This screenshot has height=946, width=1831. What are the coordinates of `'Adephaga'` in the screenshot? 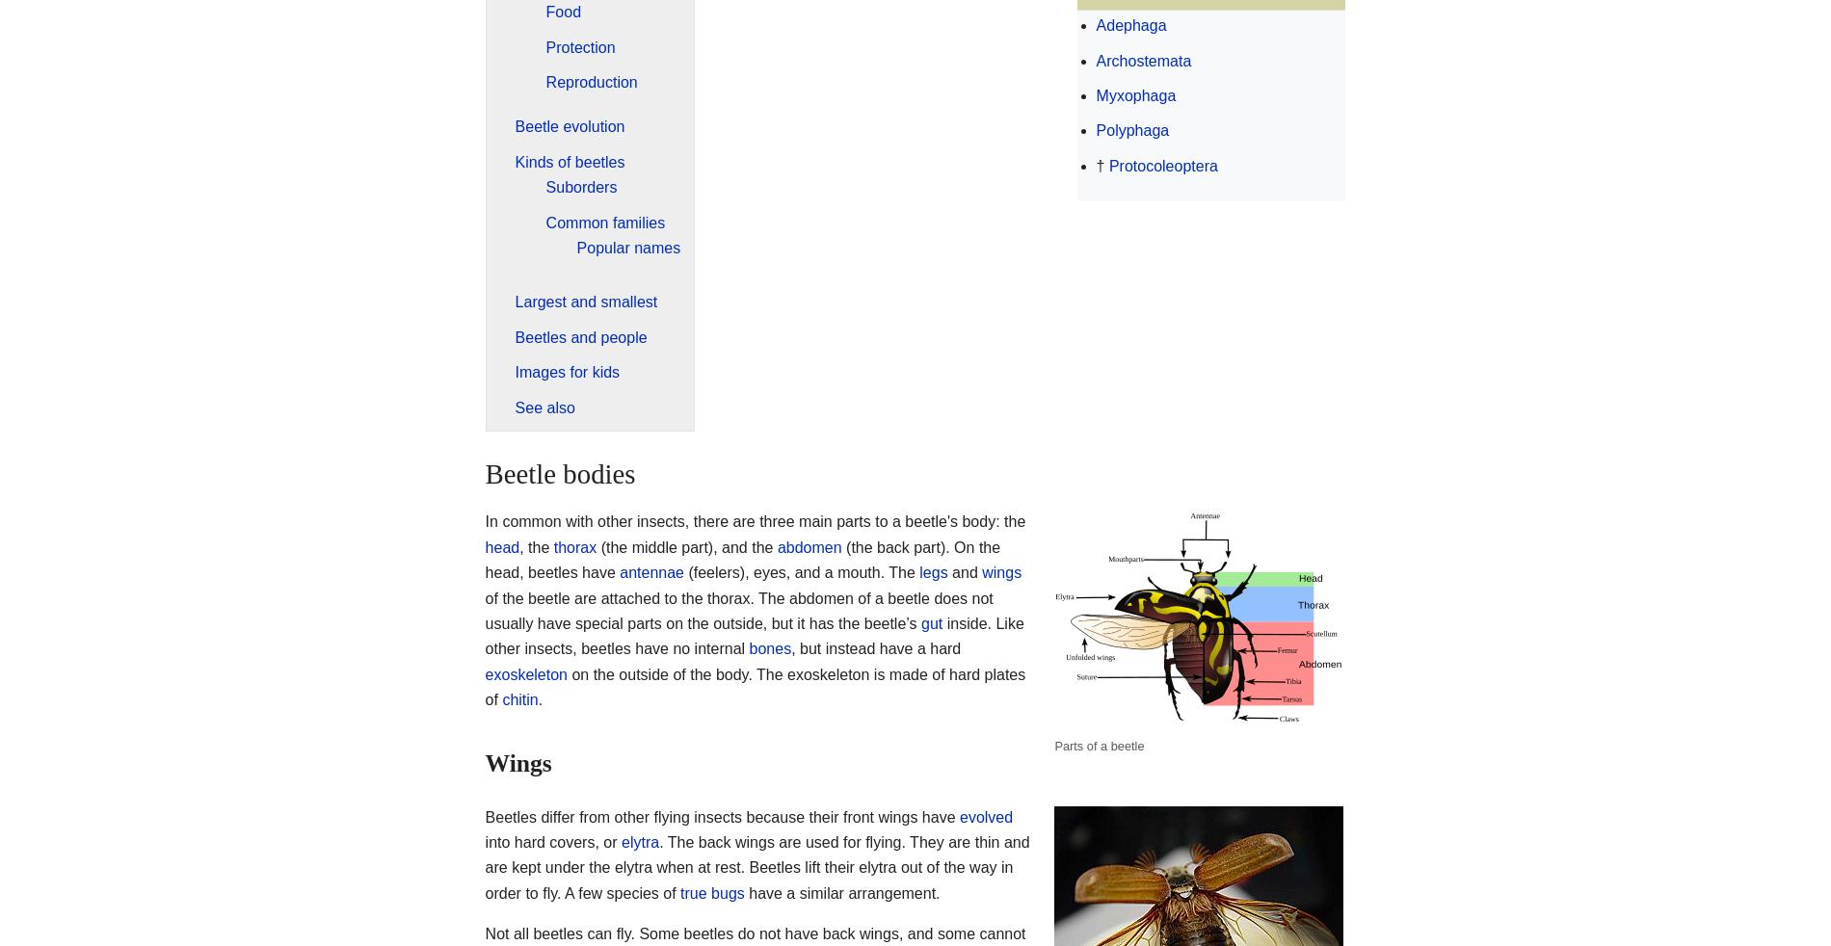 It's located at (1095, 24).